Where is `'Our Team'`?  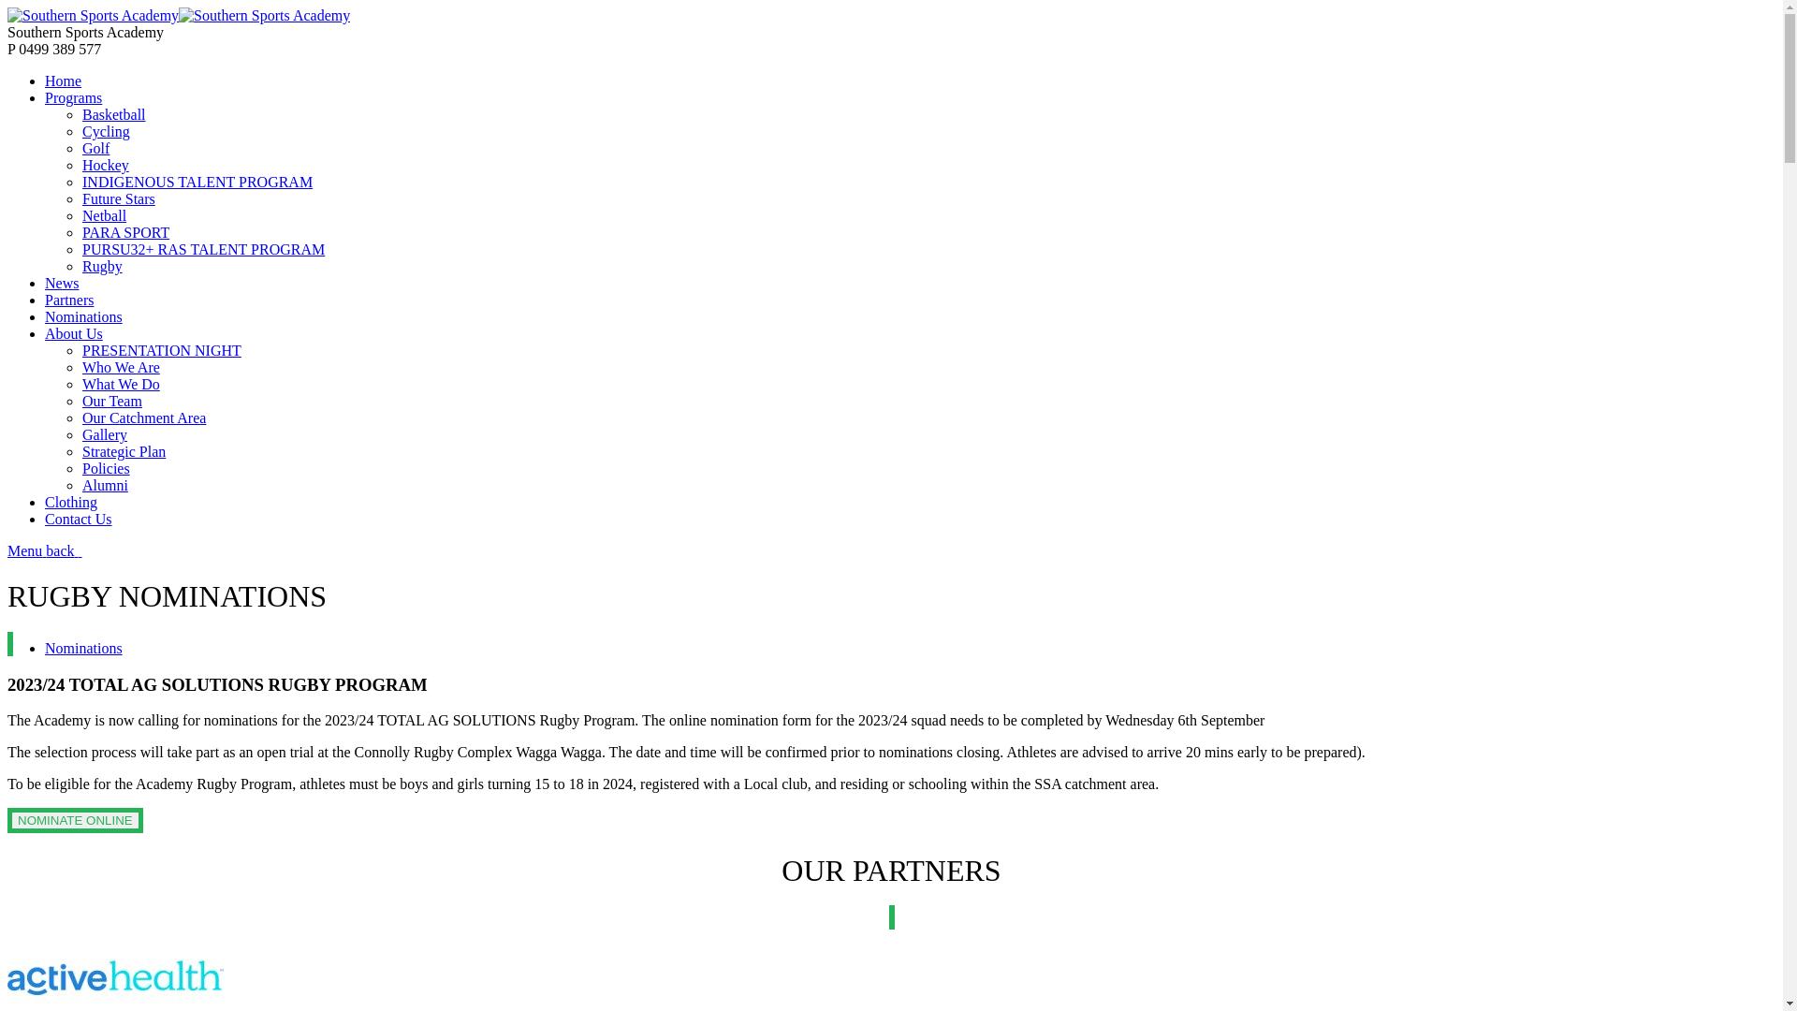
'Our Team' is located at coordinates (111, 400).